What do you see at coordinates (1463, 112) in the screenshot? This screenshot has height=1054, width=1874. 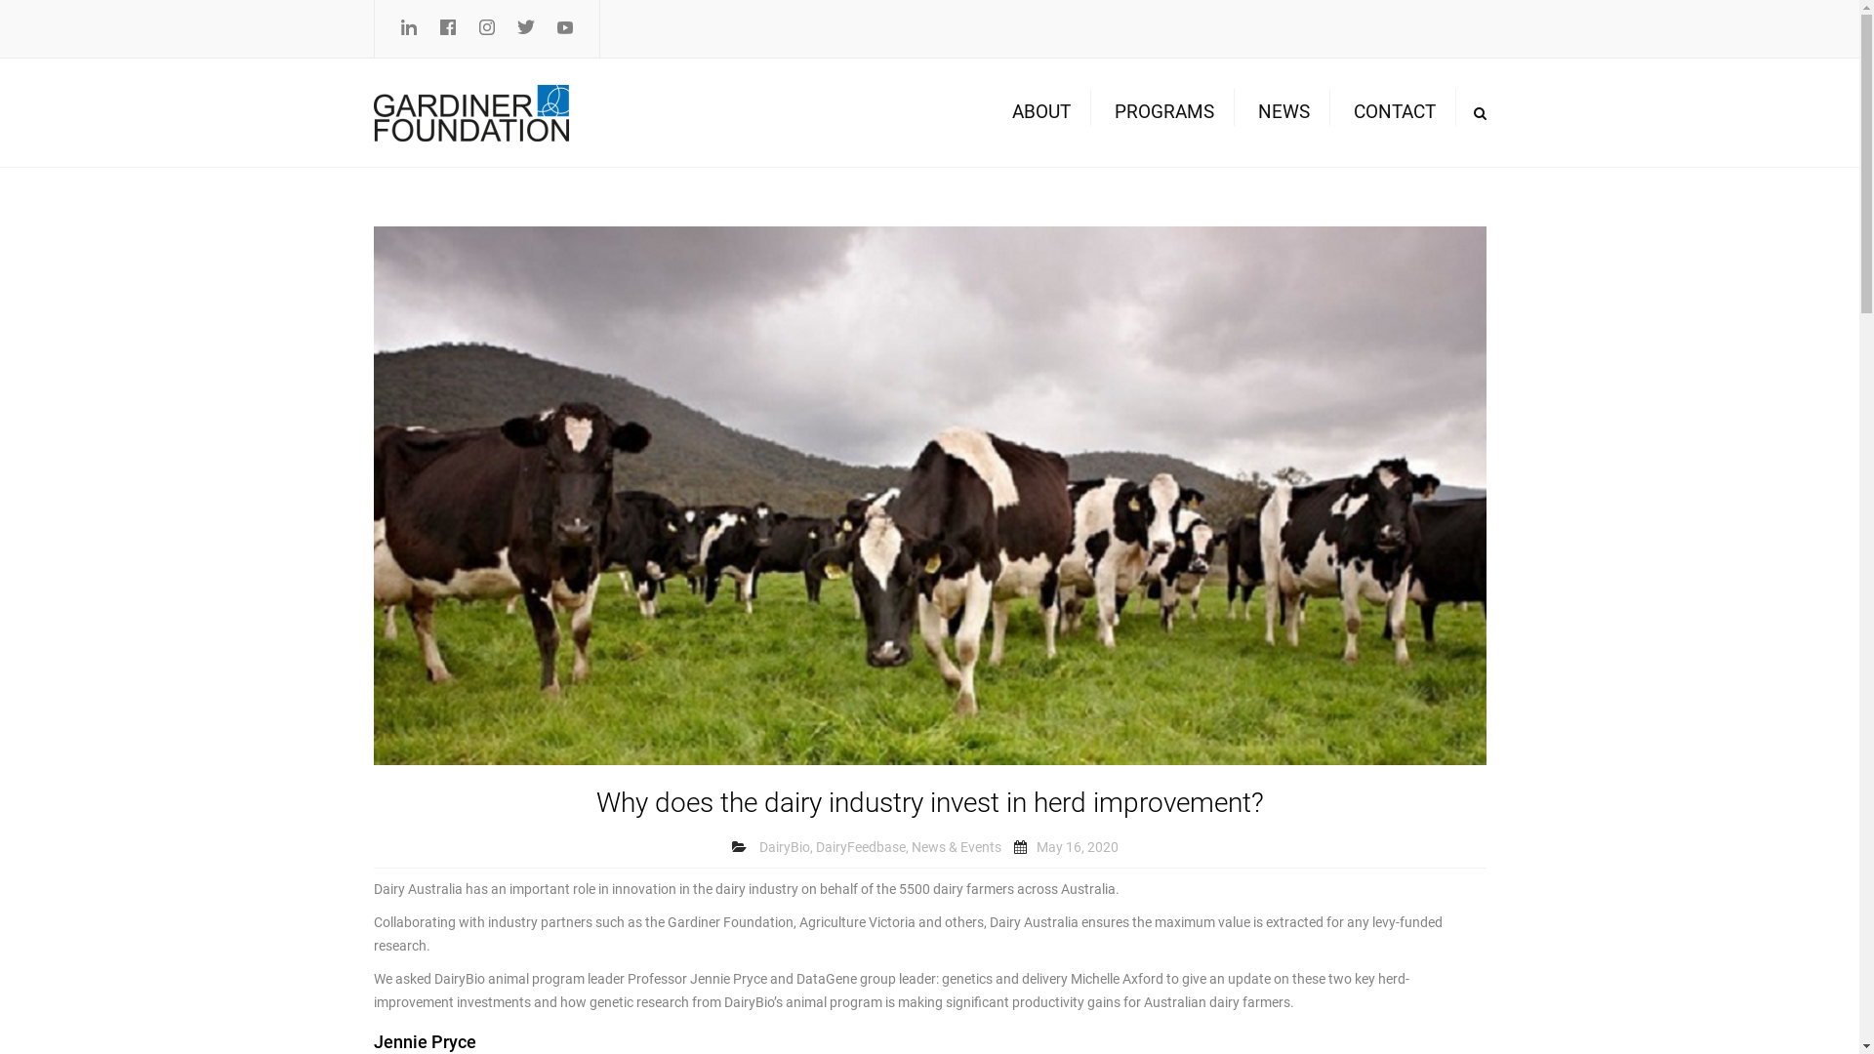 I see `'Search'` at bounding box center [1463, 112].